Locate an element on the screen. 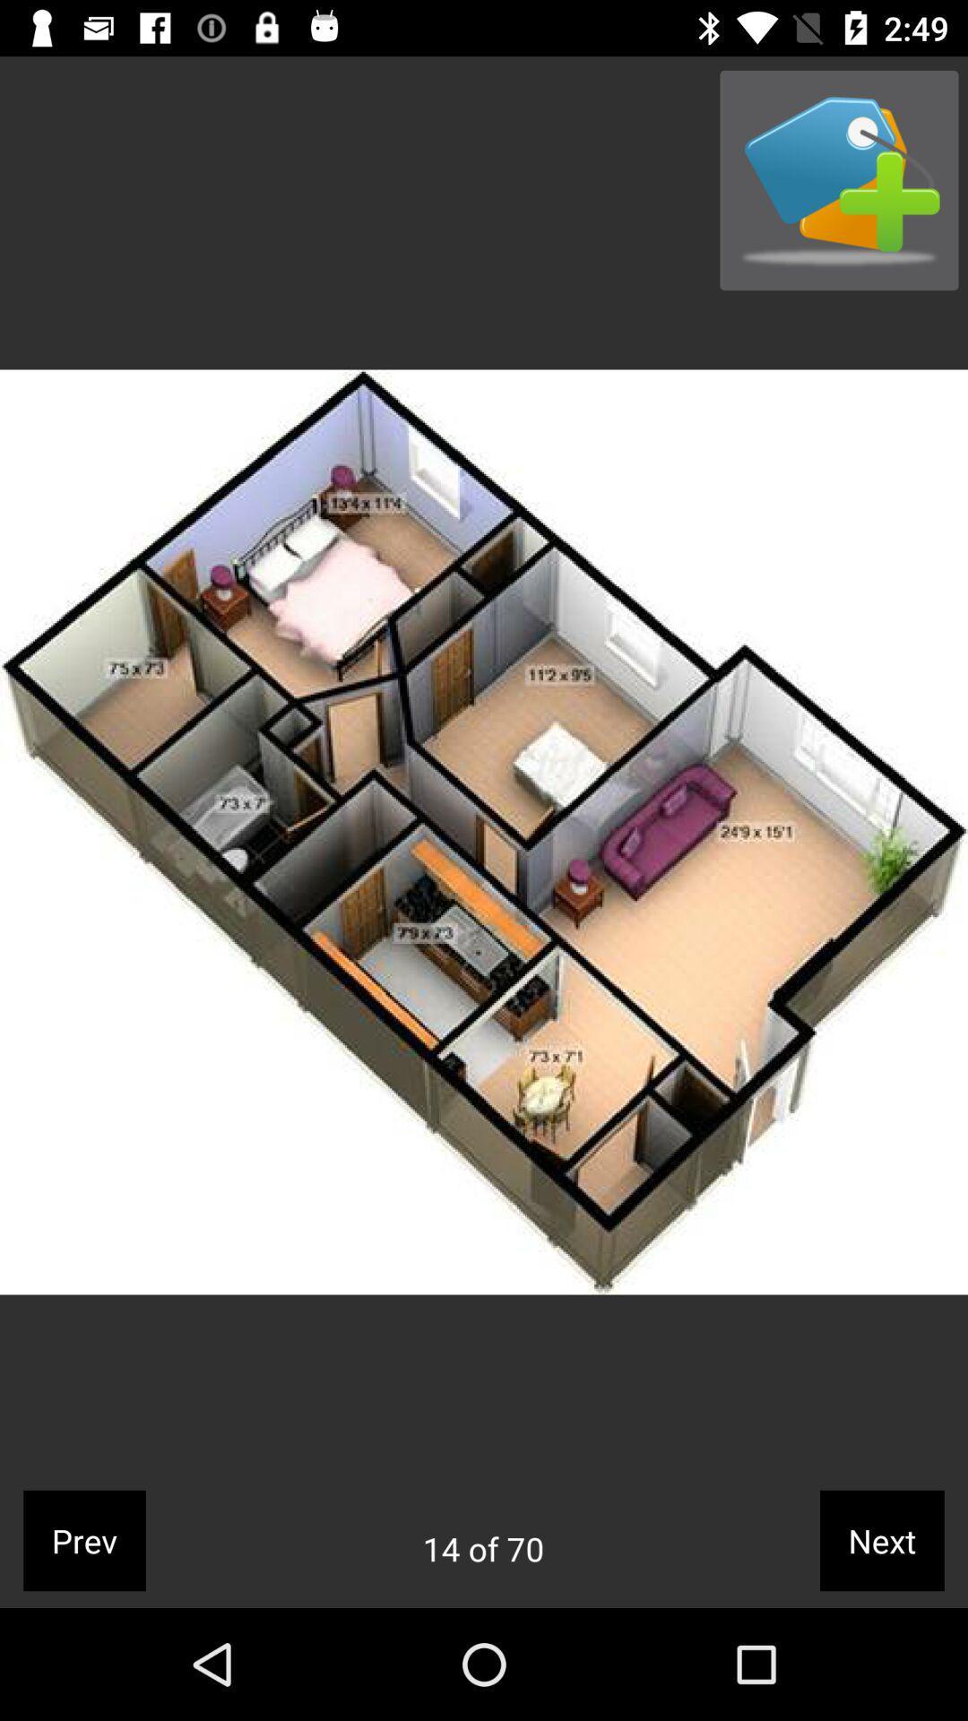 The width and height of the screenshot is (968, 1721). the app to the right of prev app is located at coordinates (482, 1548).